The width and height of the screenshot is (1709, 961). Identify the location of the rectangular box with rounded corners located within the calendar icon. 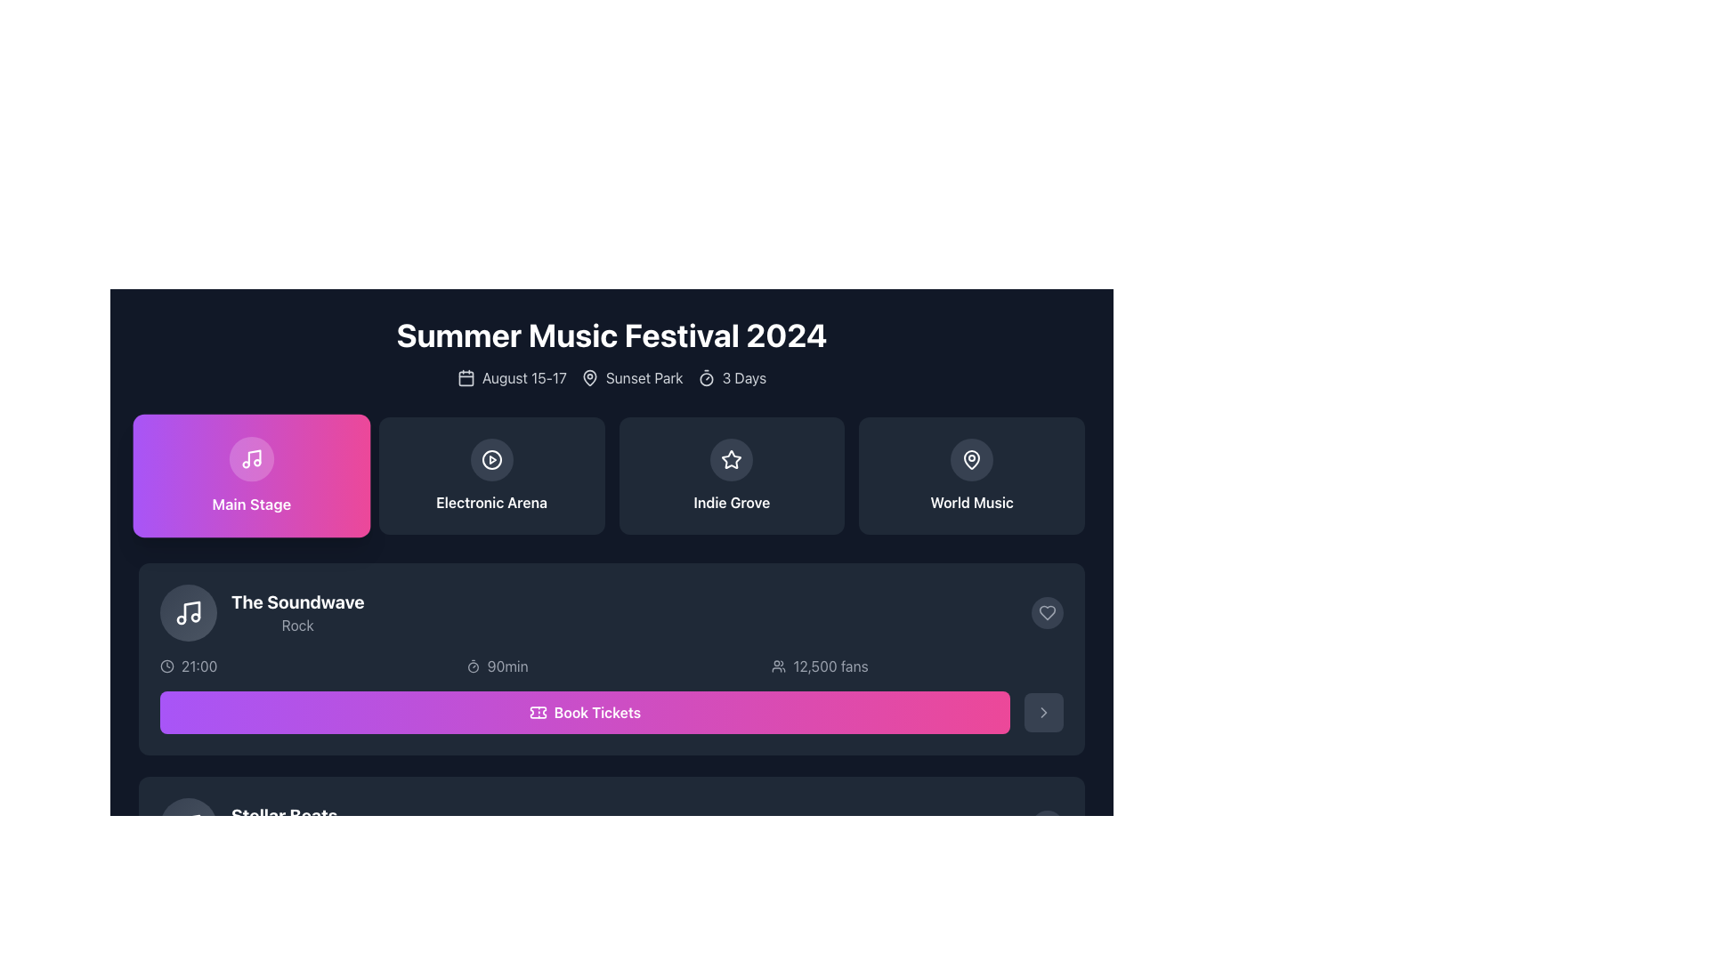
(466, 377).